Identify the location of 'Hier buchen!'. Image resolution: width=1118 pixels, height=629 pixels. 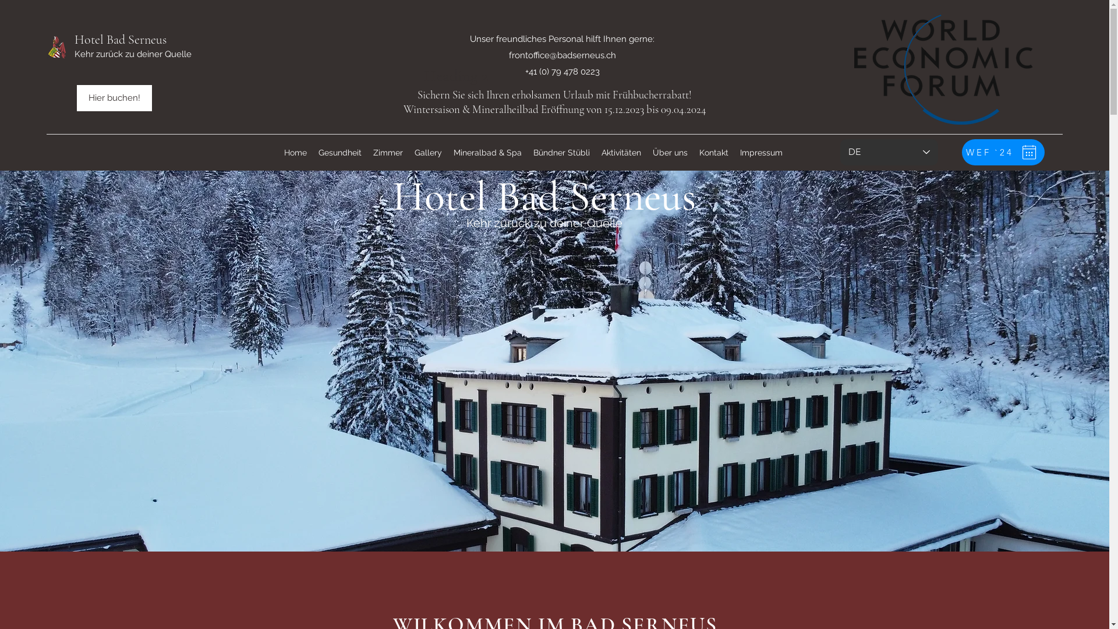
(114, 97).